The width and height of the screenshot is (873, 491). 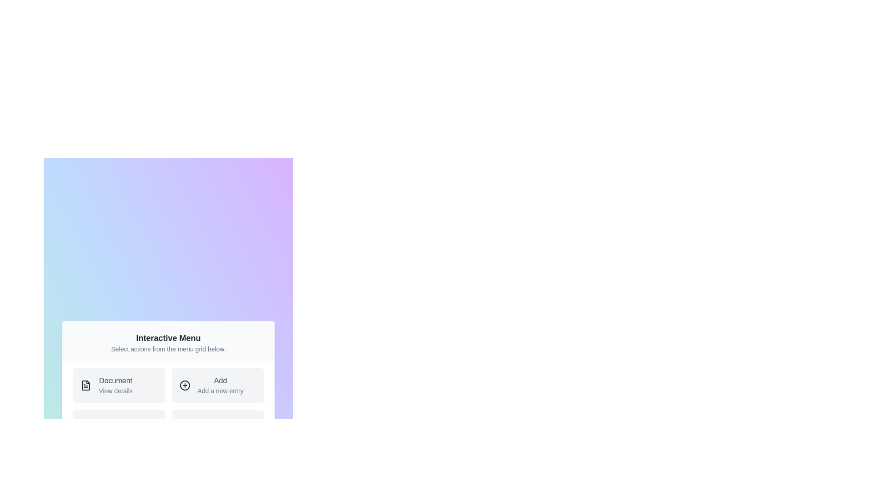 What do you see at coordinates (118, 386) in the screenshot?
I see `the menu item Document` at bounding box center [118, 386].